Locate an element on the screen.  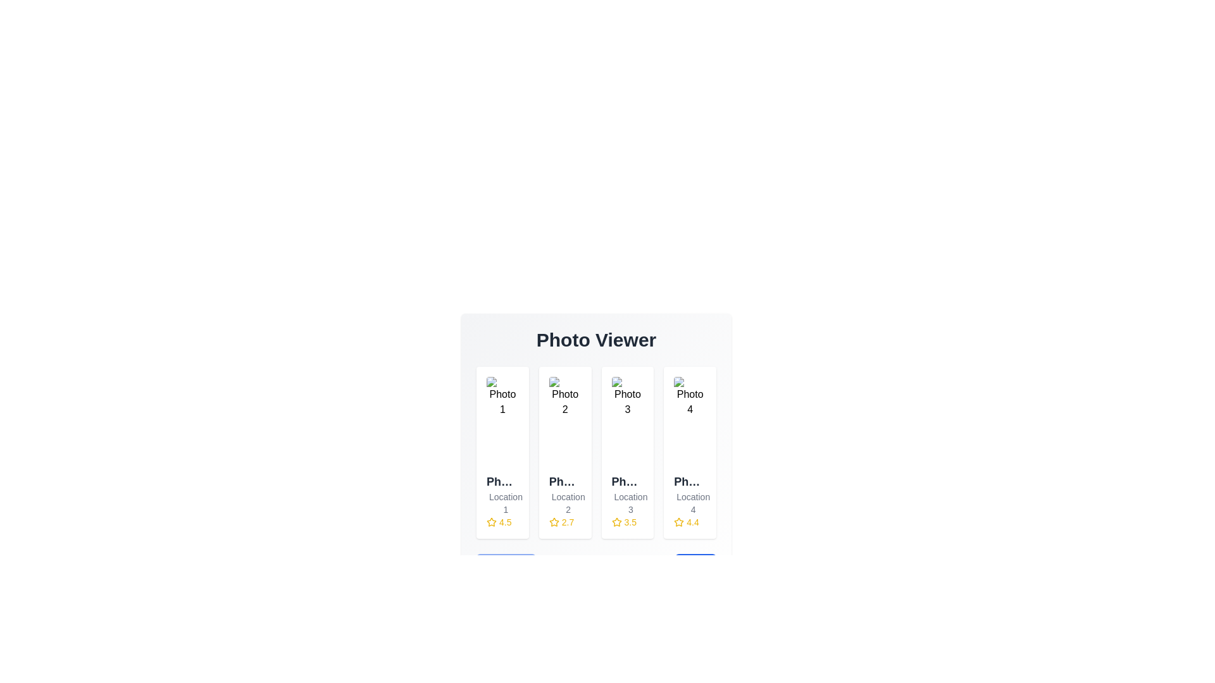
the rating star icon located at the bottom section of the fourth card in the horizontal list of cards within the 'Photo Viewer' interface, which displays the average rating for 'Photo 4.' is located at coordinates (678, 522).